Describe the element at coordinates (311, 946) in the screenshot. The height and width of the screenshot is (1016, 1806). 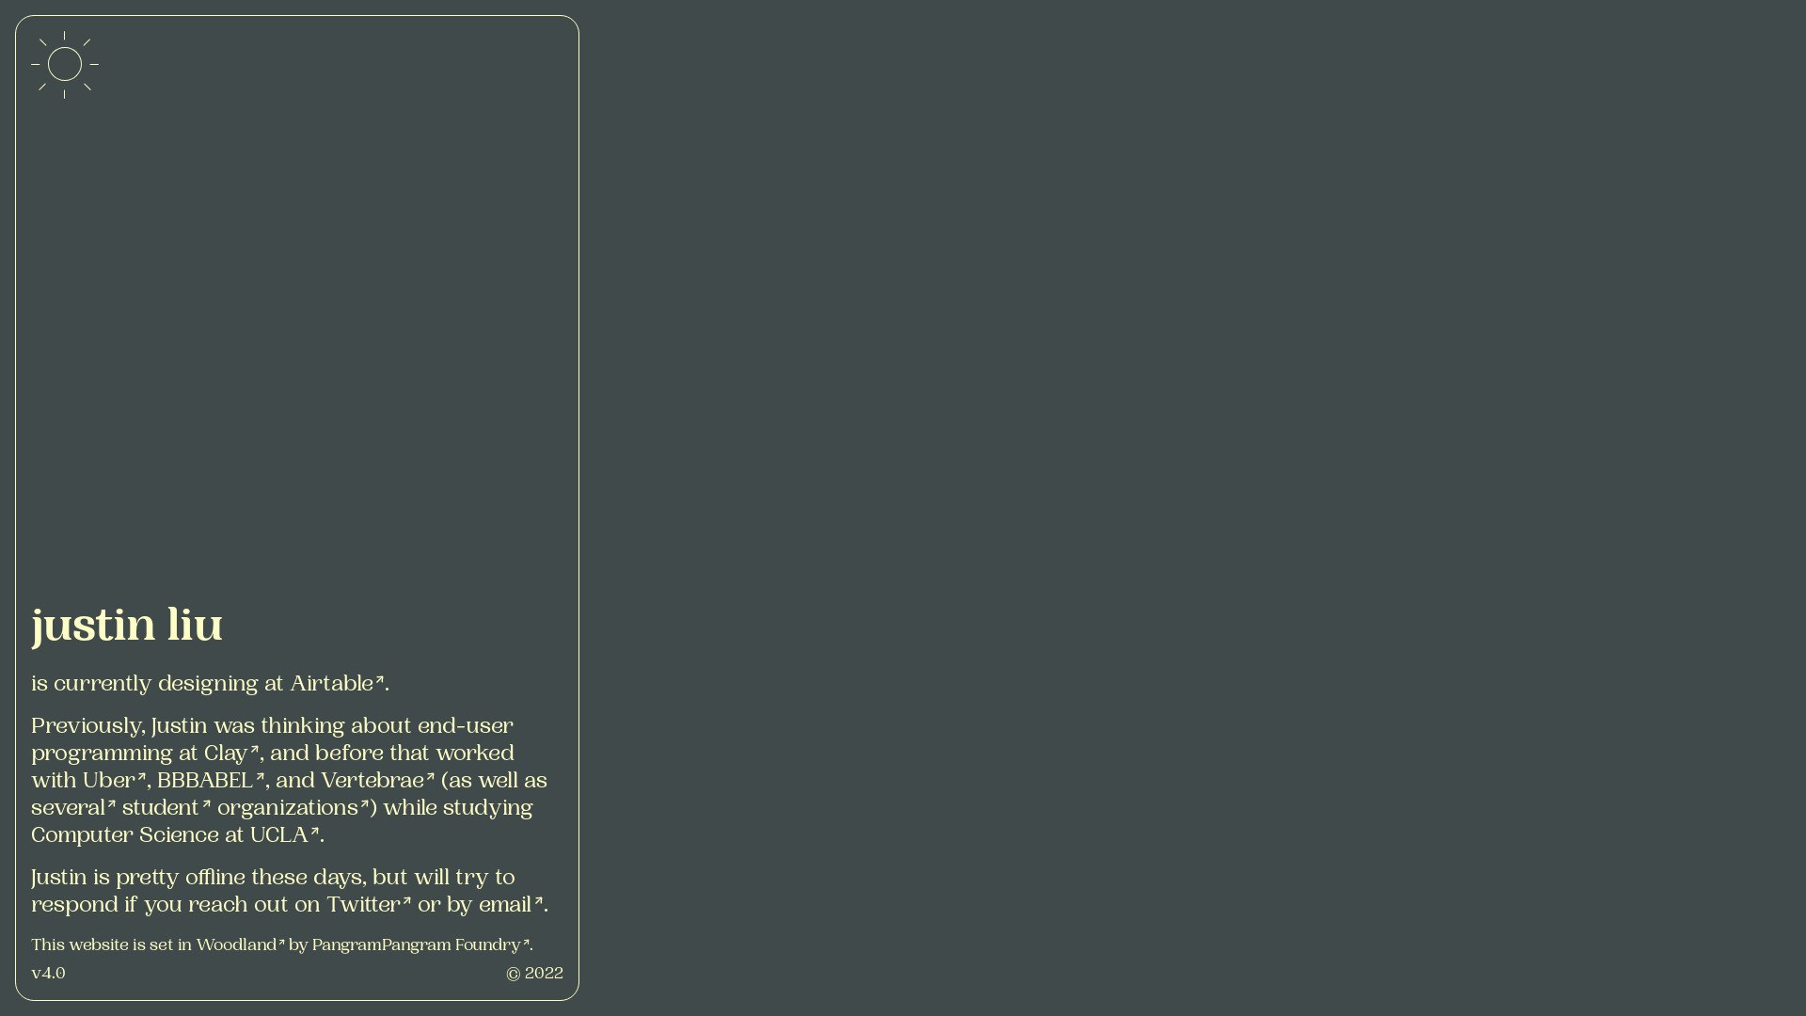
I see `'PangramPangram Foundry'` at that location.